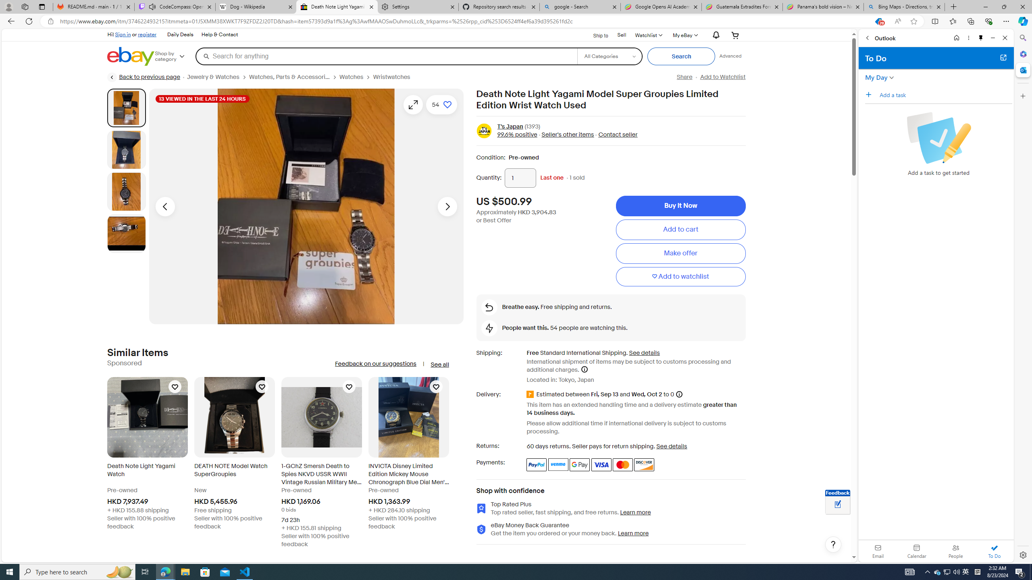 The width and height of the screenshot is (1032, 580). What do you see at coordinates (833, 544) in the screenshot?
I see `'Help, opens dialogs'` at bounding box center [833, 544].